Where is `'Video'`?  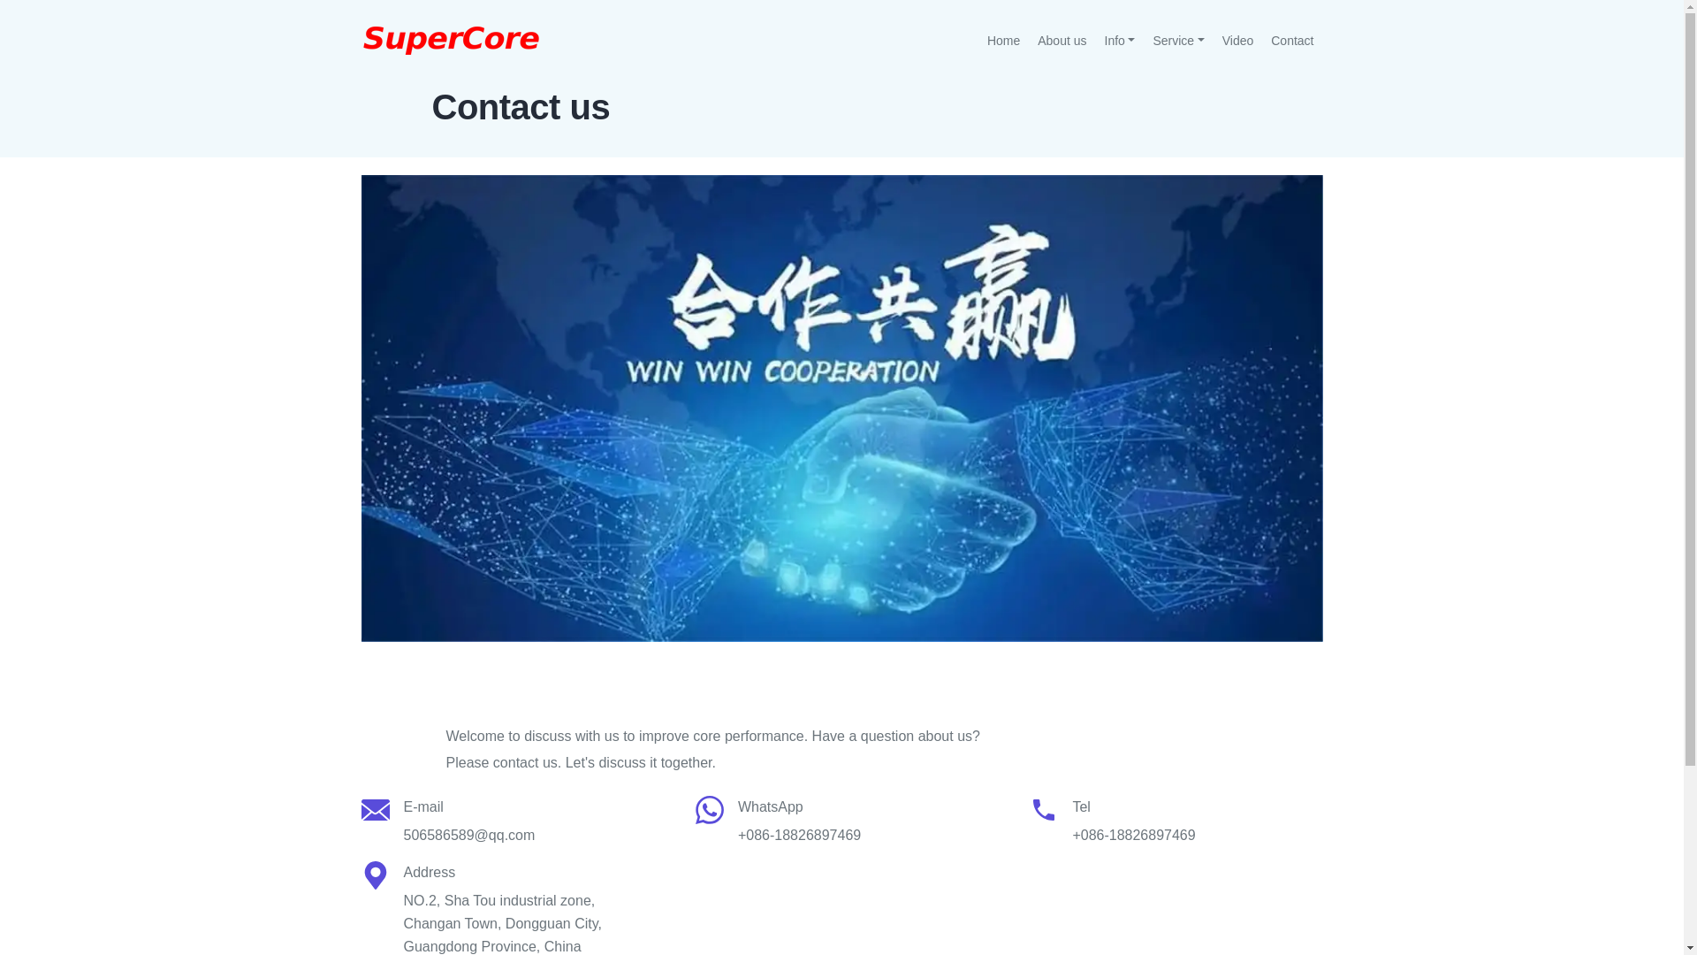 'Video' is located at coordinates (1237, 40).